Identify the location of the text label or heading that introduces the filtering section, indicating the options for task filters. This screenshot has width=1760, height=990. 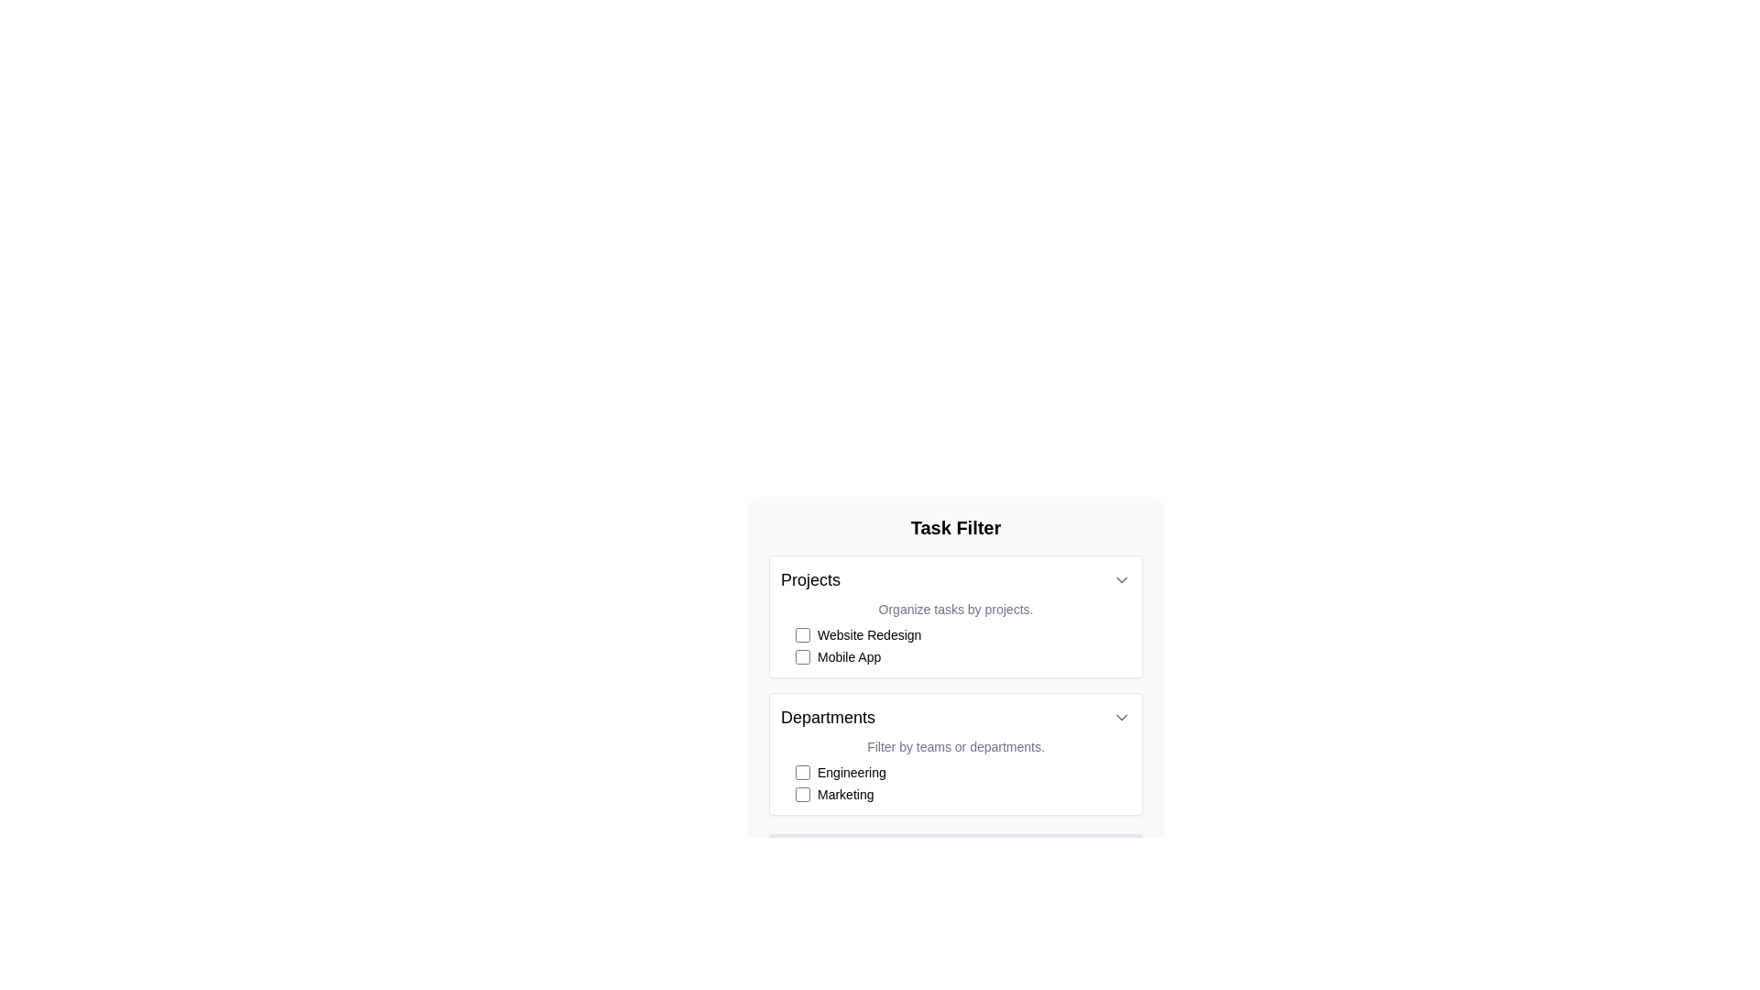
(954, 527).